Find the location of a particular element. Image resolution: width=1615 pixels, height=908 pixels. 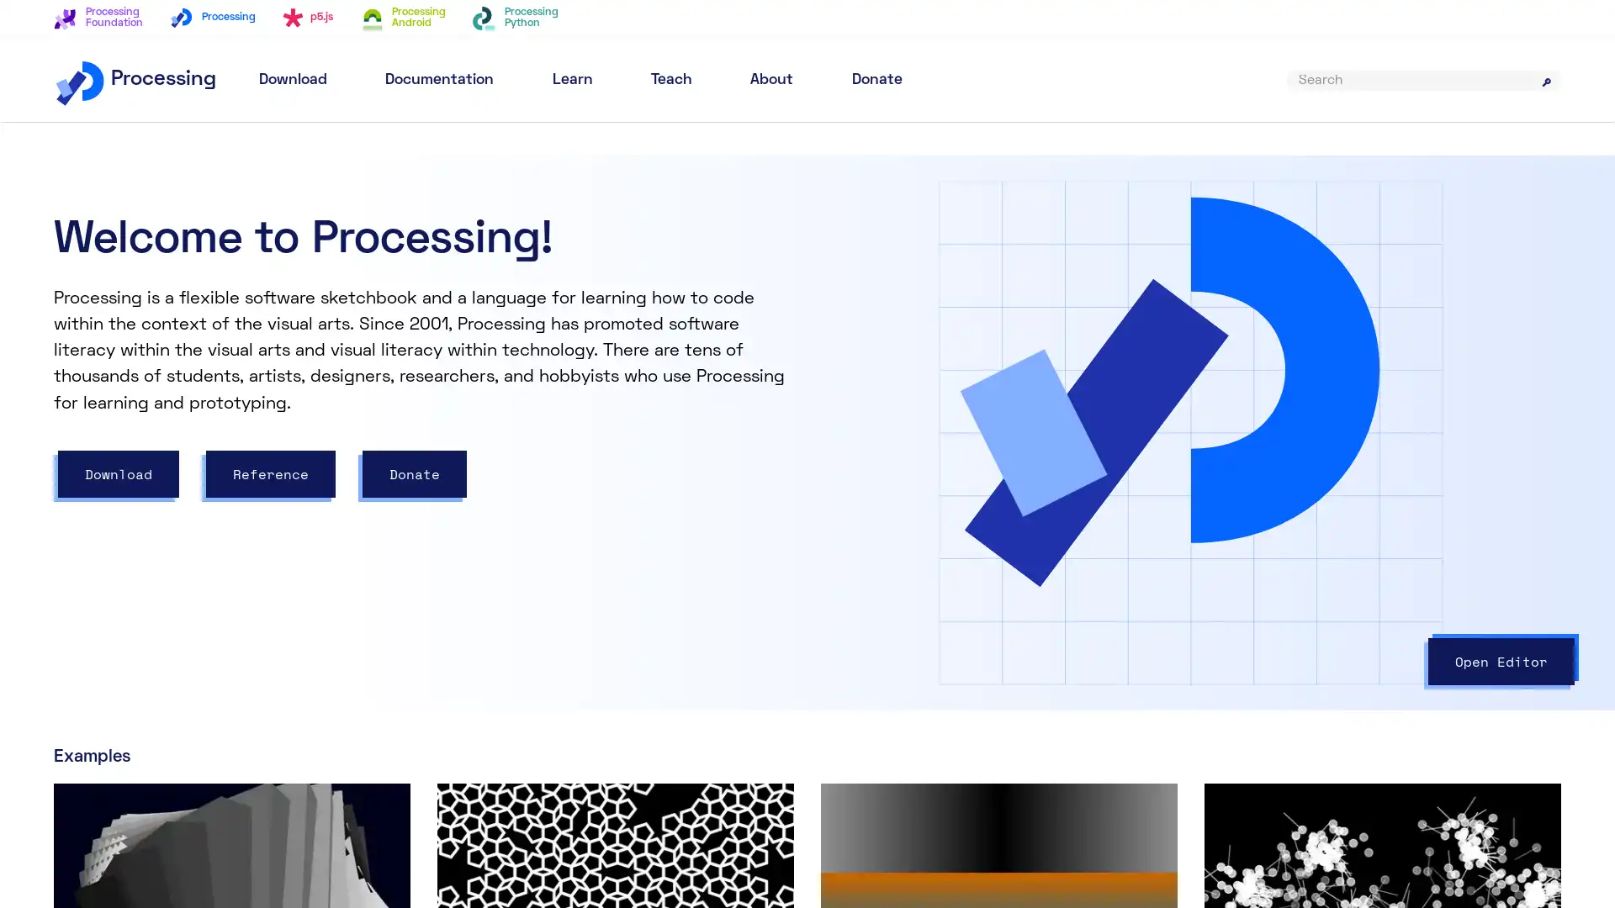

change position is located at coordinates (915, 499).